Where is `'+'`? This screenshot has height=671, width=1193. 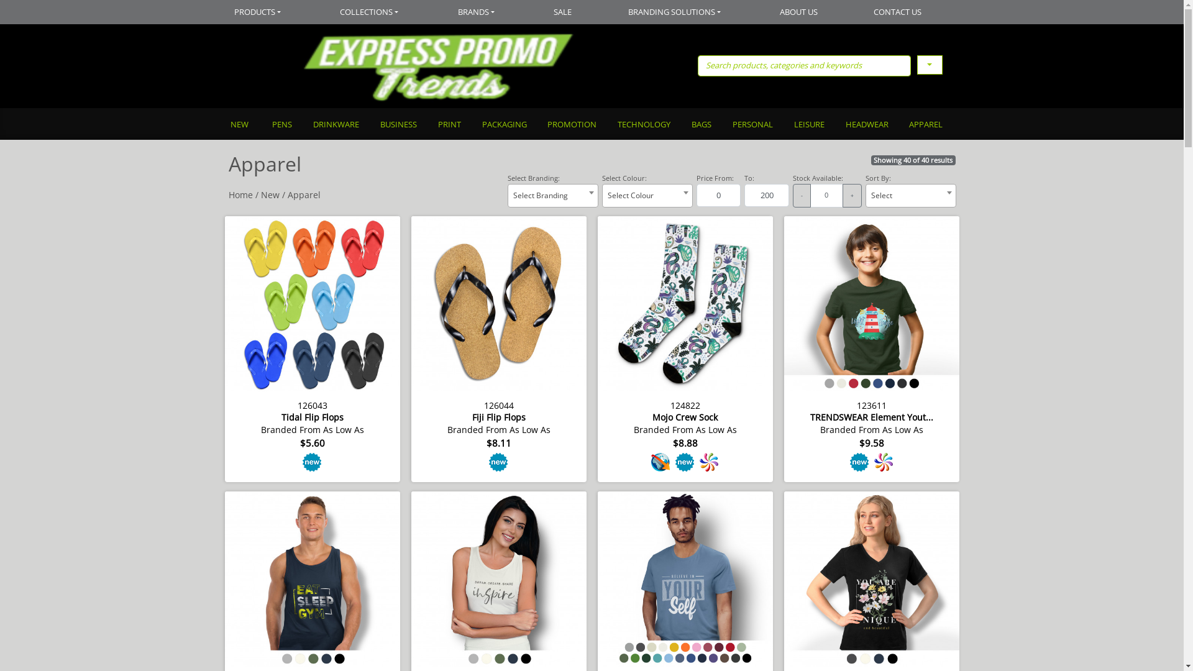
'+' is located at coordinates (851, 196).